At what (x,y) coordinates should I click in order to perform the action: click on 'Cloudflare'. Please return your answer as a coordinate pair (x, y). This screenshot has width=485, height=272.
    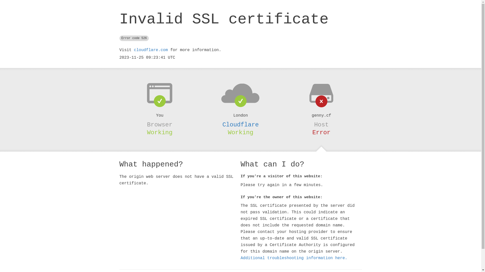
    Looking at the image, I should click on (222, 125).